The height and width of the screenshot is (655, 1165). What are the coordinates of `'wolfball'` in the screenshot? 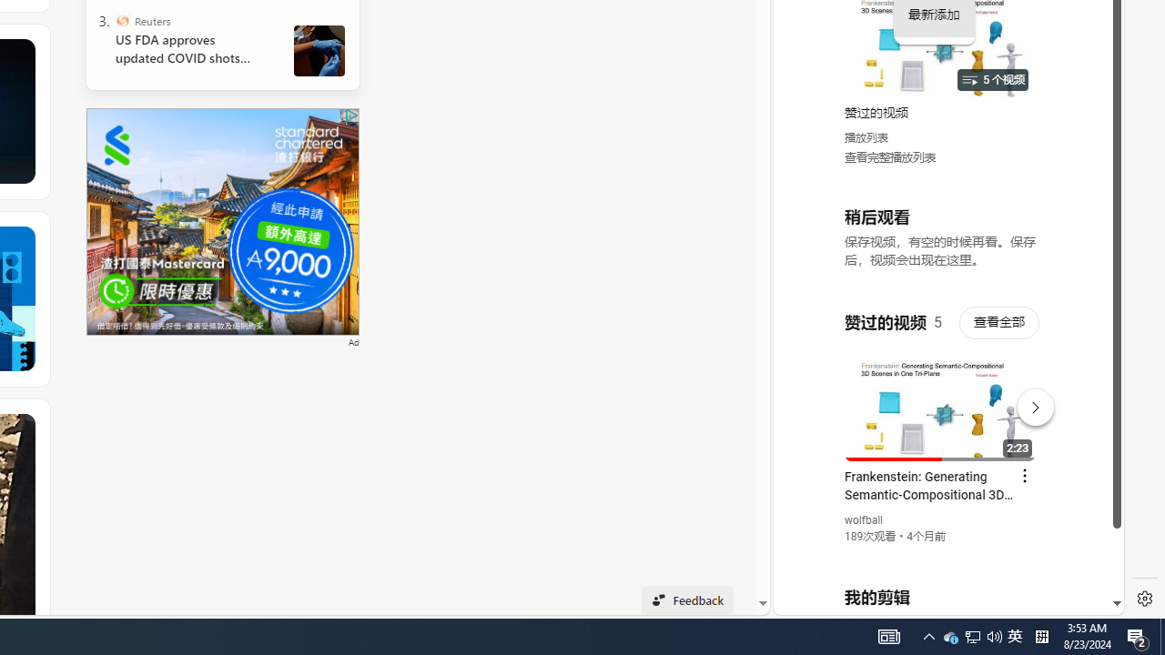 It's located at (863, 520).